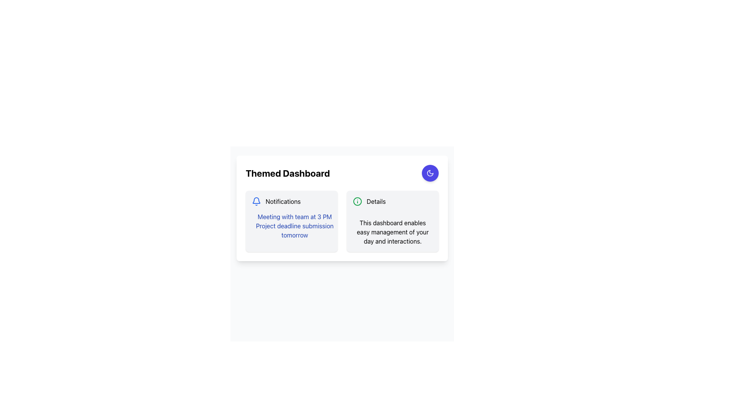 Image resolution: width=735 pixels, height=413 pixels. Describe the element at coordinates (393, 231) in the screenshot. I see `static text block that contains the sentence: 'This dashboard enables easy management of your day and interactions.' It is centrally aligned within a white rectangular card with rounded corners, located below a heading labeled 'Details'` at that location.